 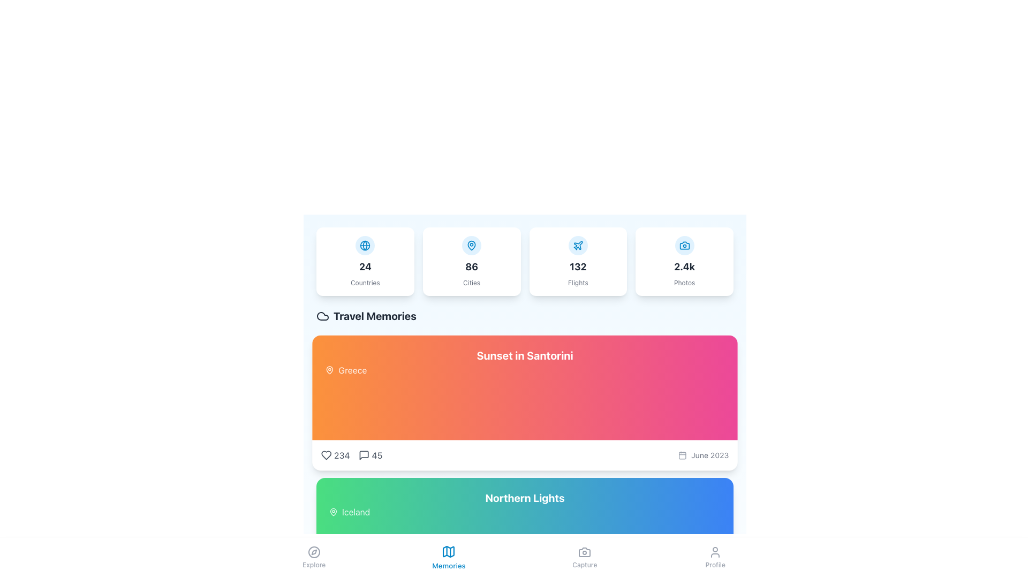 What do you see at coordinates (449, 551) in the screenshot?
I see `the 'Memories' tab icon which is represented as a folded map with a blue outline in the bottom navigation bar, located between the 'Explore' and 'Capture' tab icons` at bounding box center [449, 551].